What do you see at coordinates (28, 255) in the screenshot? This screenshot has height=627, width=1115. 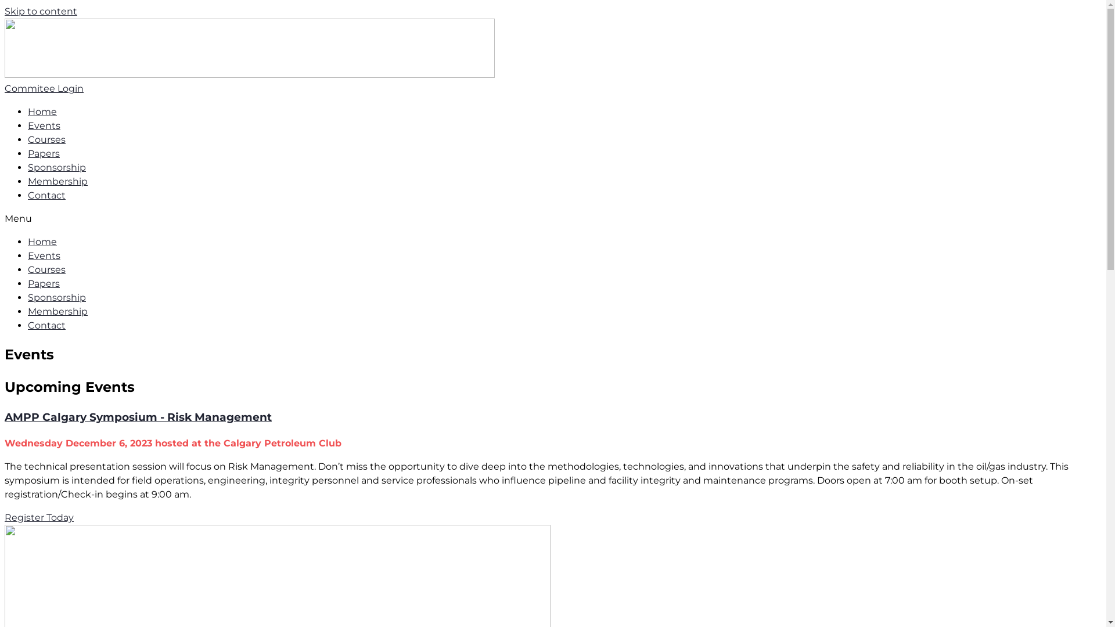 I see `'Events'` at bounding box center [28, 255].